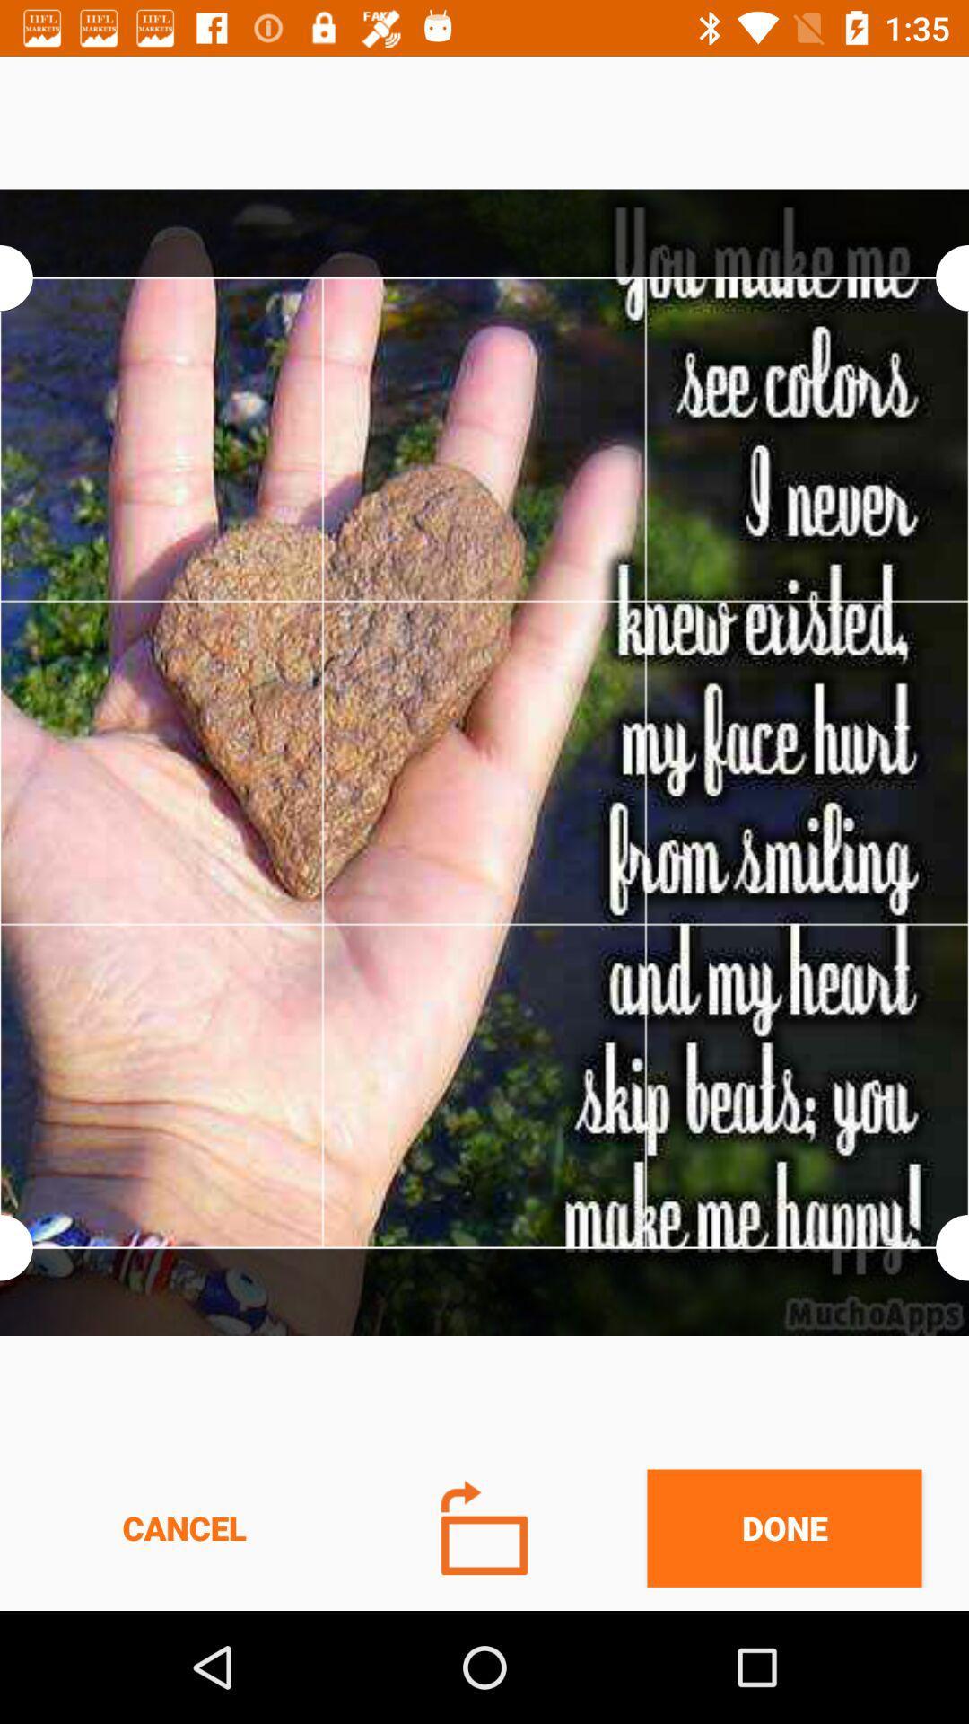  I want to click on cancel item, so click(184, 1527).